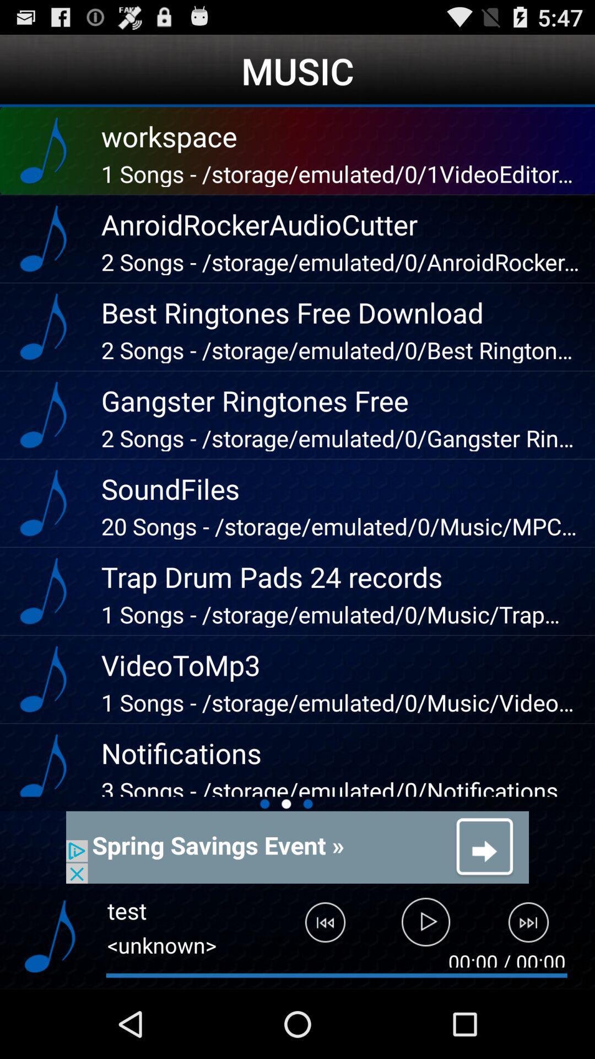  I want to click on the next play, so click(535, 927).